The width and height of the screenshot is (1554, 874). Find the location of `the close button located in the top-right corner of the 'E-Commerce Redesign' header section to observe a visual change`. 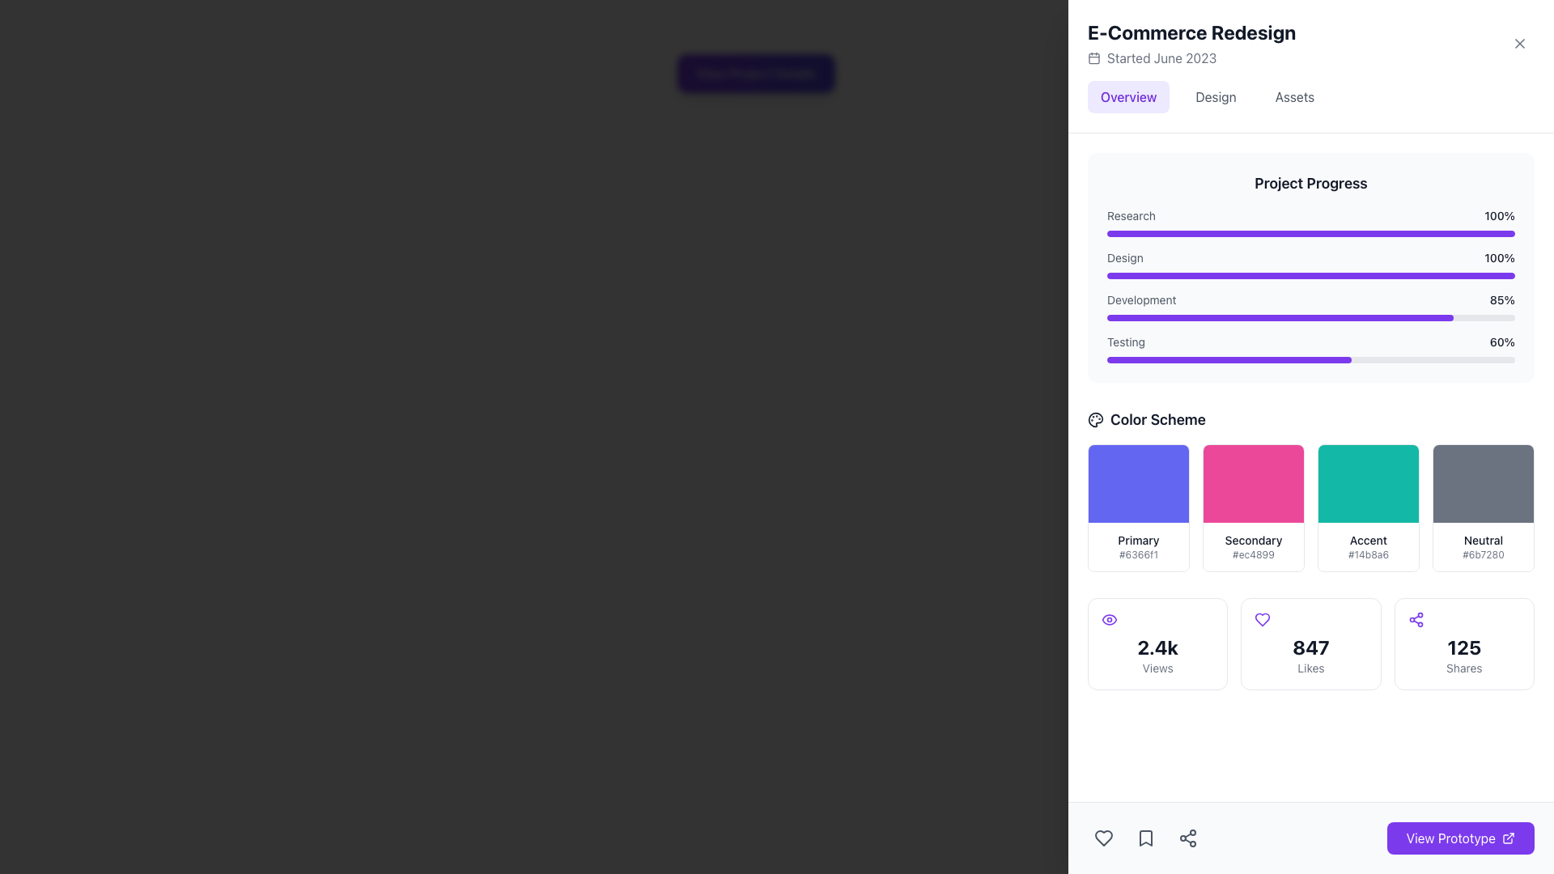

the close button located in the top-right corner of the 'E-Commerce Redesign' header section to observe a visual change is located at coordinates (1518, 43).